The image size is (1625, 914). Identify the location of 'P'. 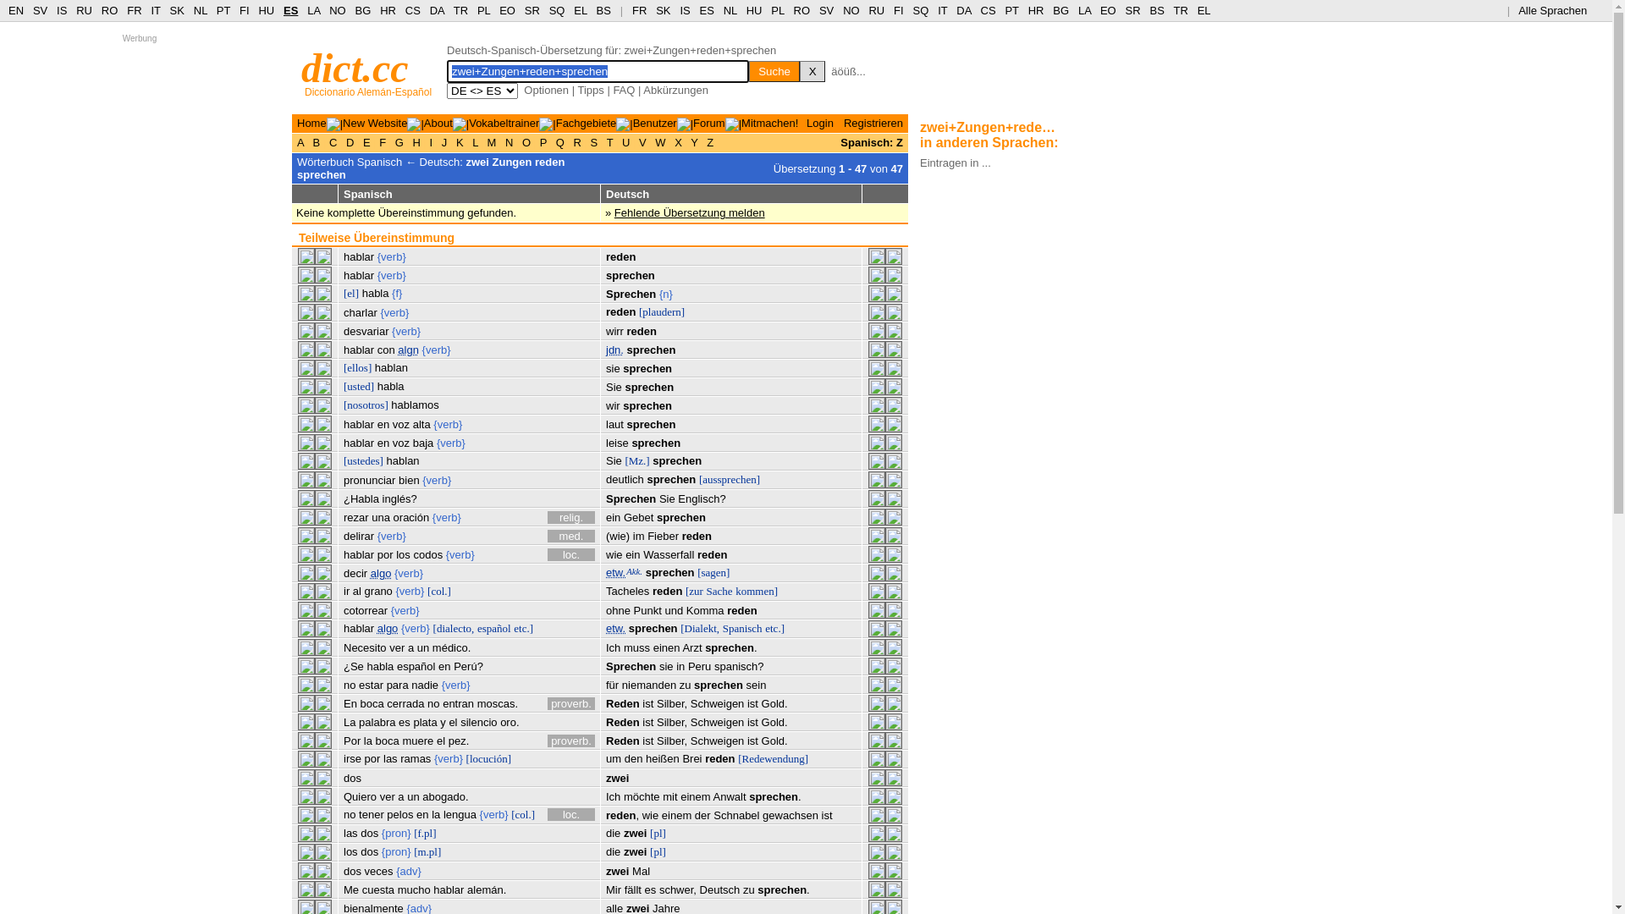
(543, 141).